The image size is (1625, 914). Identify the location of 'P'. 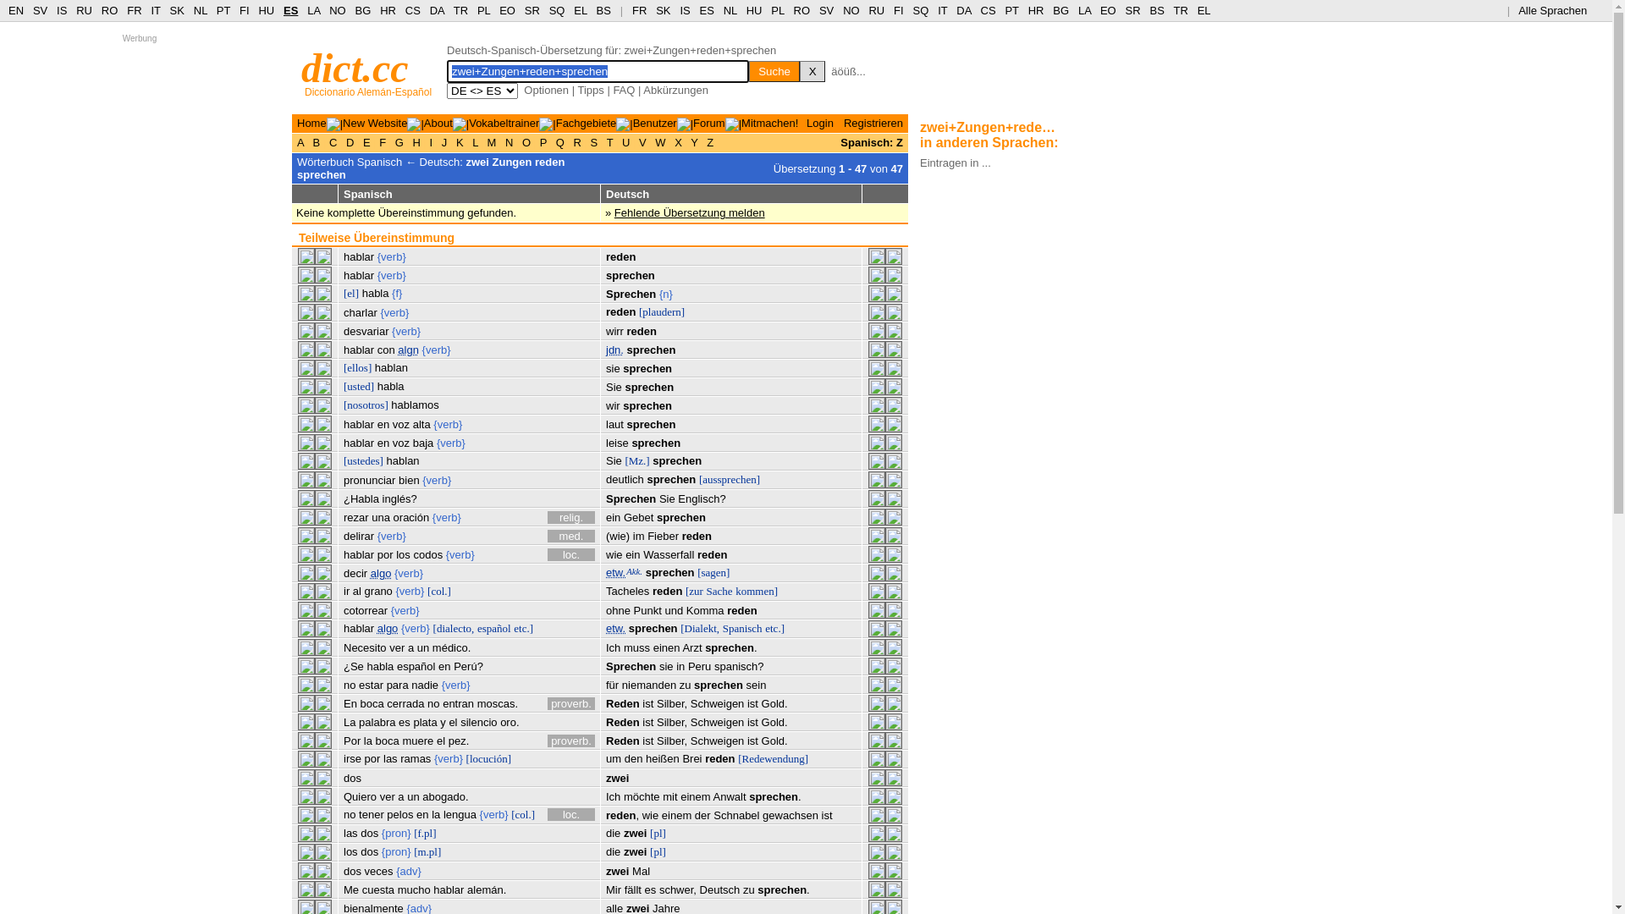
(543, 141).